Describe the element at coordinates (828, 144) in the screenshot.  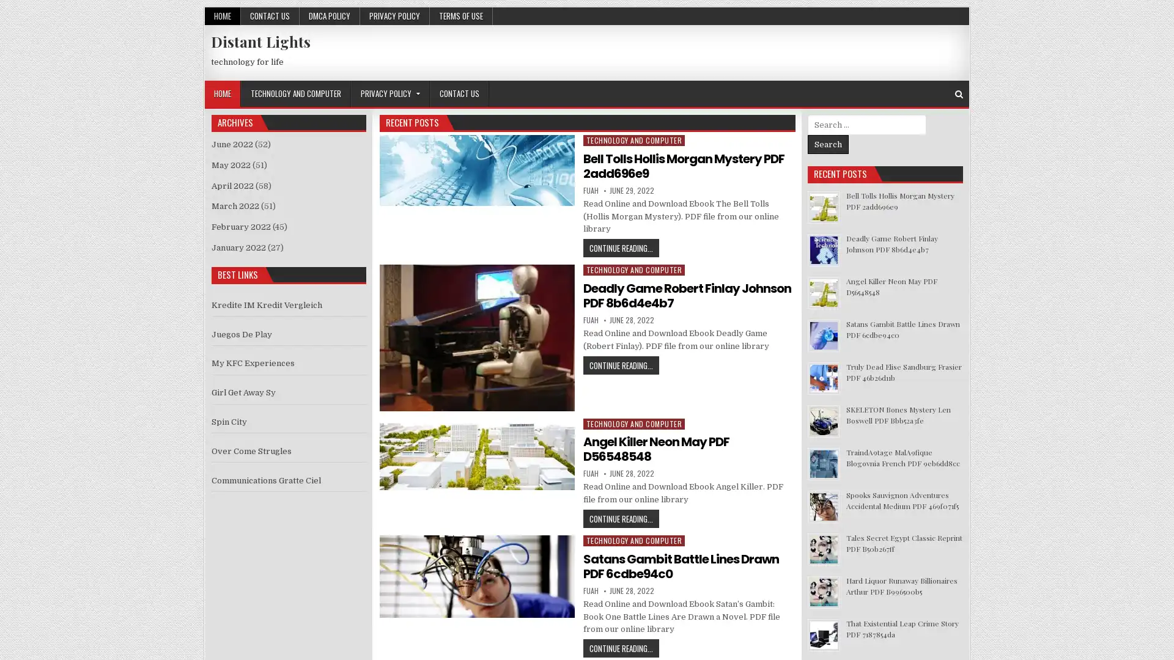
I see `Search` at that location.